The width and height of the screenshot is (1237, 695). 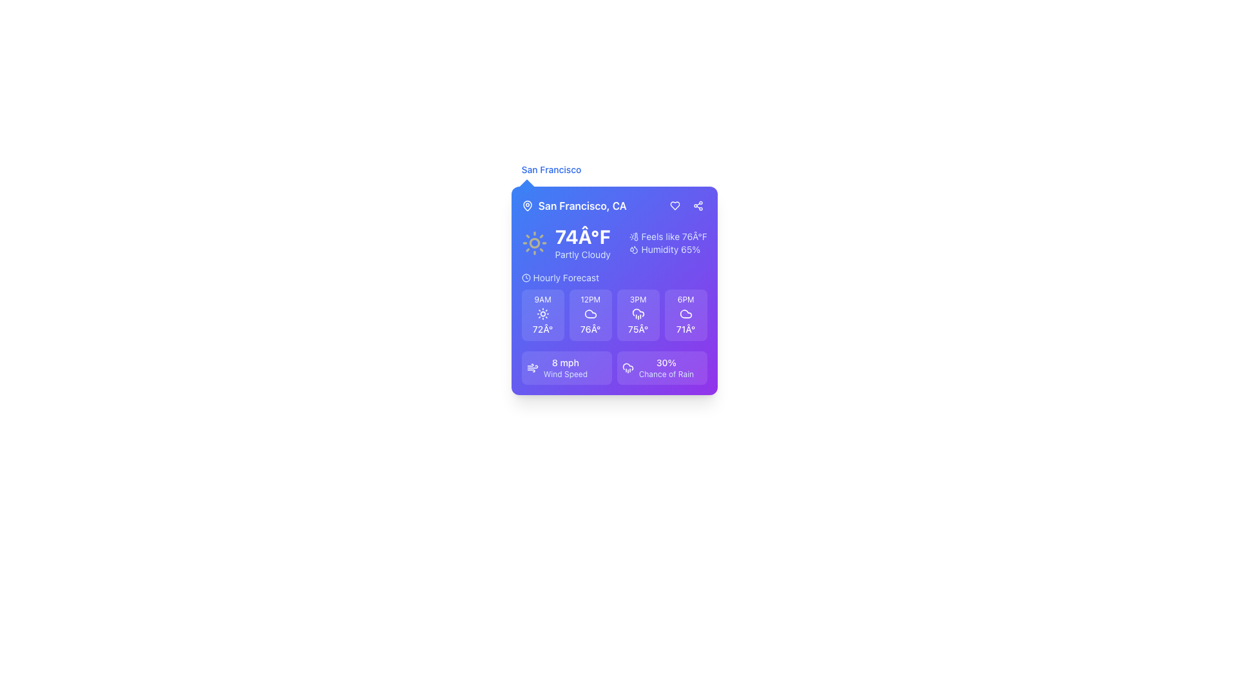 What do you see at coordinates (582, 243) in the screenshot?
I see `the temperature and weather condition display located centrally within the weather card interface` at bounding box center [582, 243].